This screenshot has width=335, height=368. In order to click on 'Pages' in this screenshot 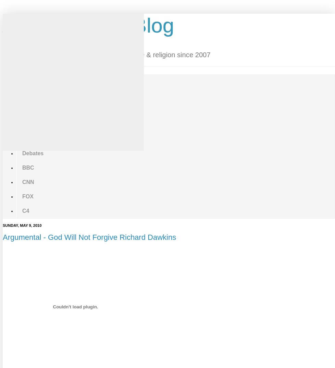, I will do `click(9, 68)`.